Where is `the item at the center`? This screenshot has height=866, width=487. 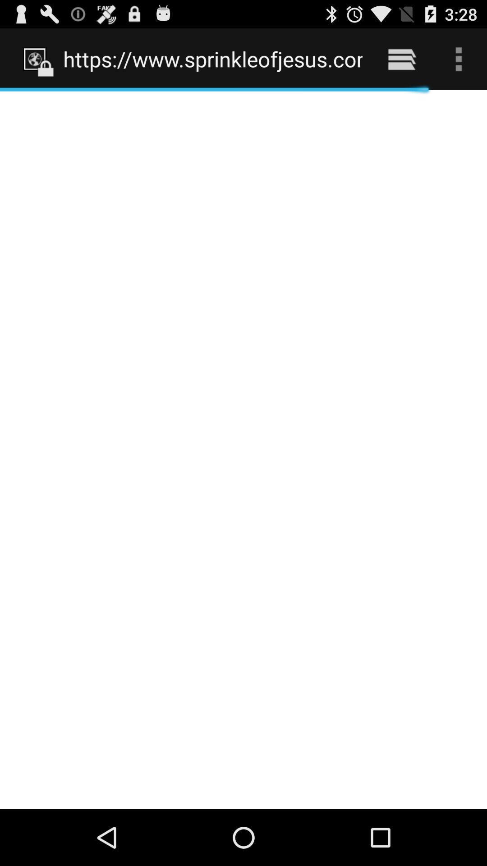 the item at the center is located at coordinates (243, 449).